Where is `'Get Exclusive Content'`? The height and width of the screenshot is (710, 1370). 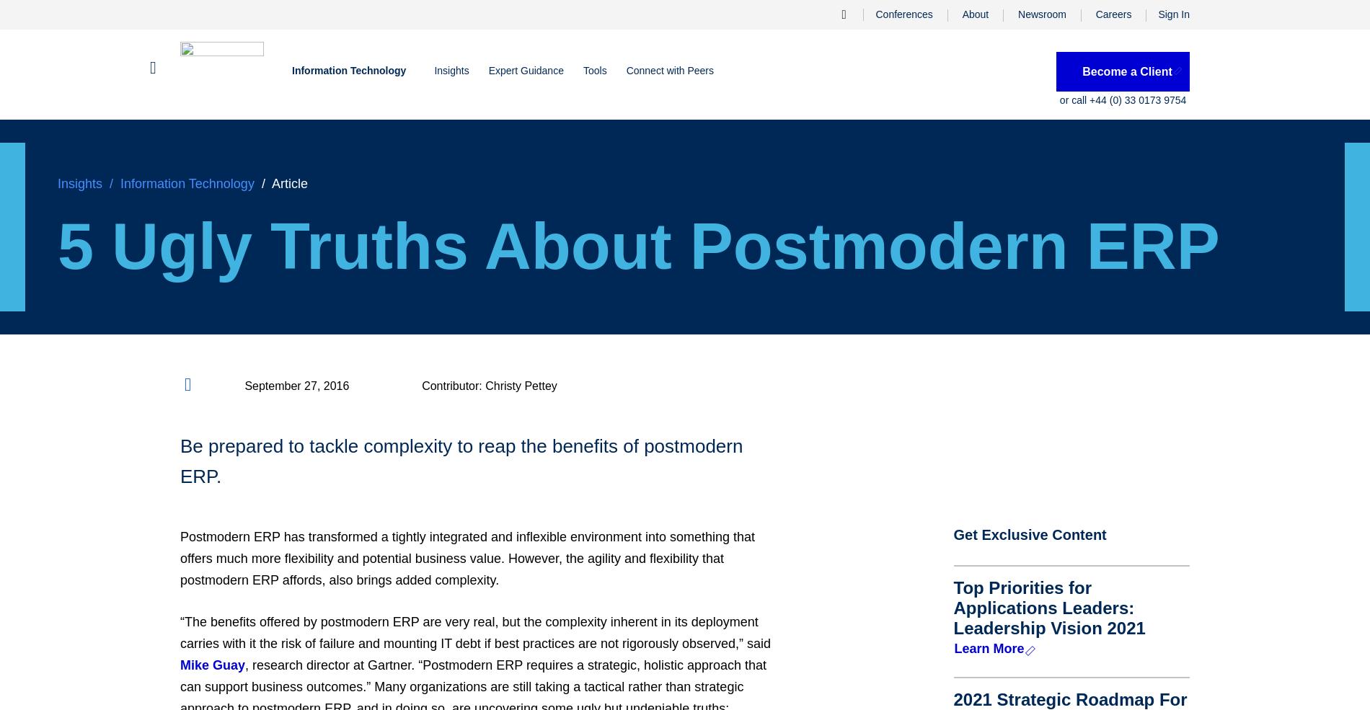 'Get Exclusive Content' is located at coordinates (1030, 535).